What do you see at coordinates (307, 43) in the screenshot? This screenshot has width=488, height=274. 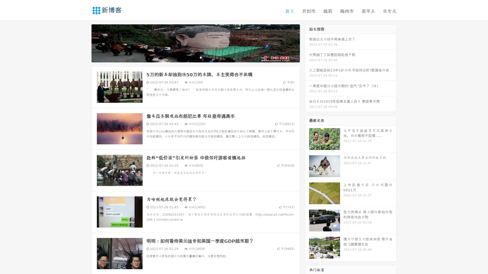 I see `Next slide` at bounding box center [307, 43].